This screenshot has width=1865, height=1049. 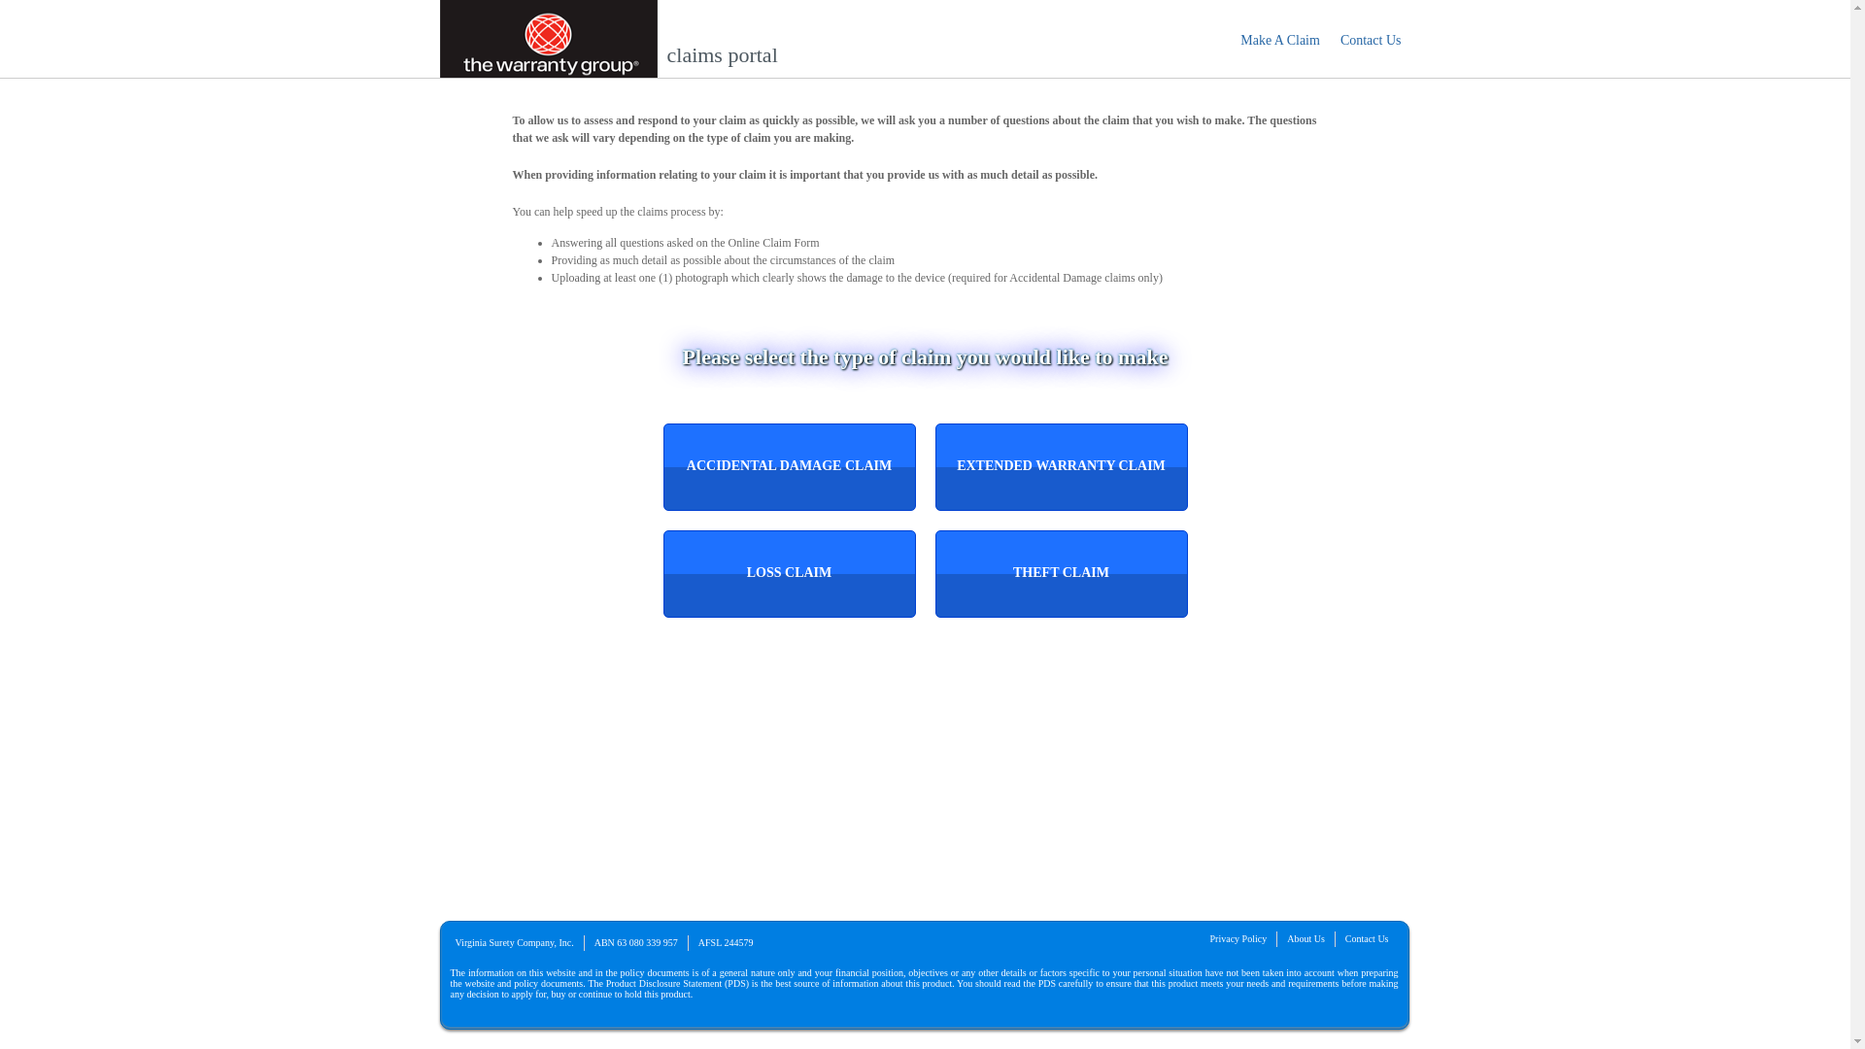 I want to click on 'Theft Claim', so click(x=1060, y=572).